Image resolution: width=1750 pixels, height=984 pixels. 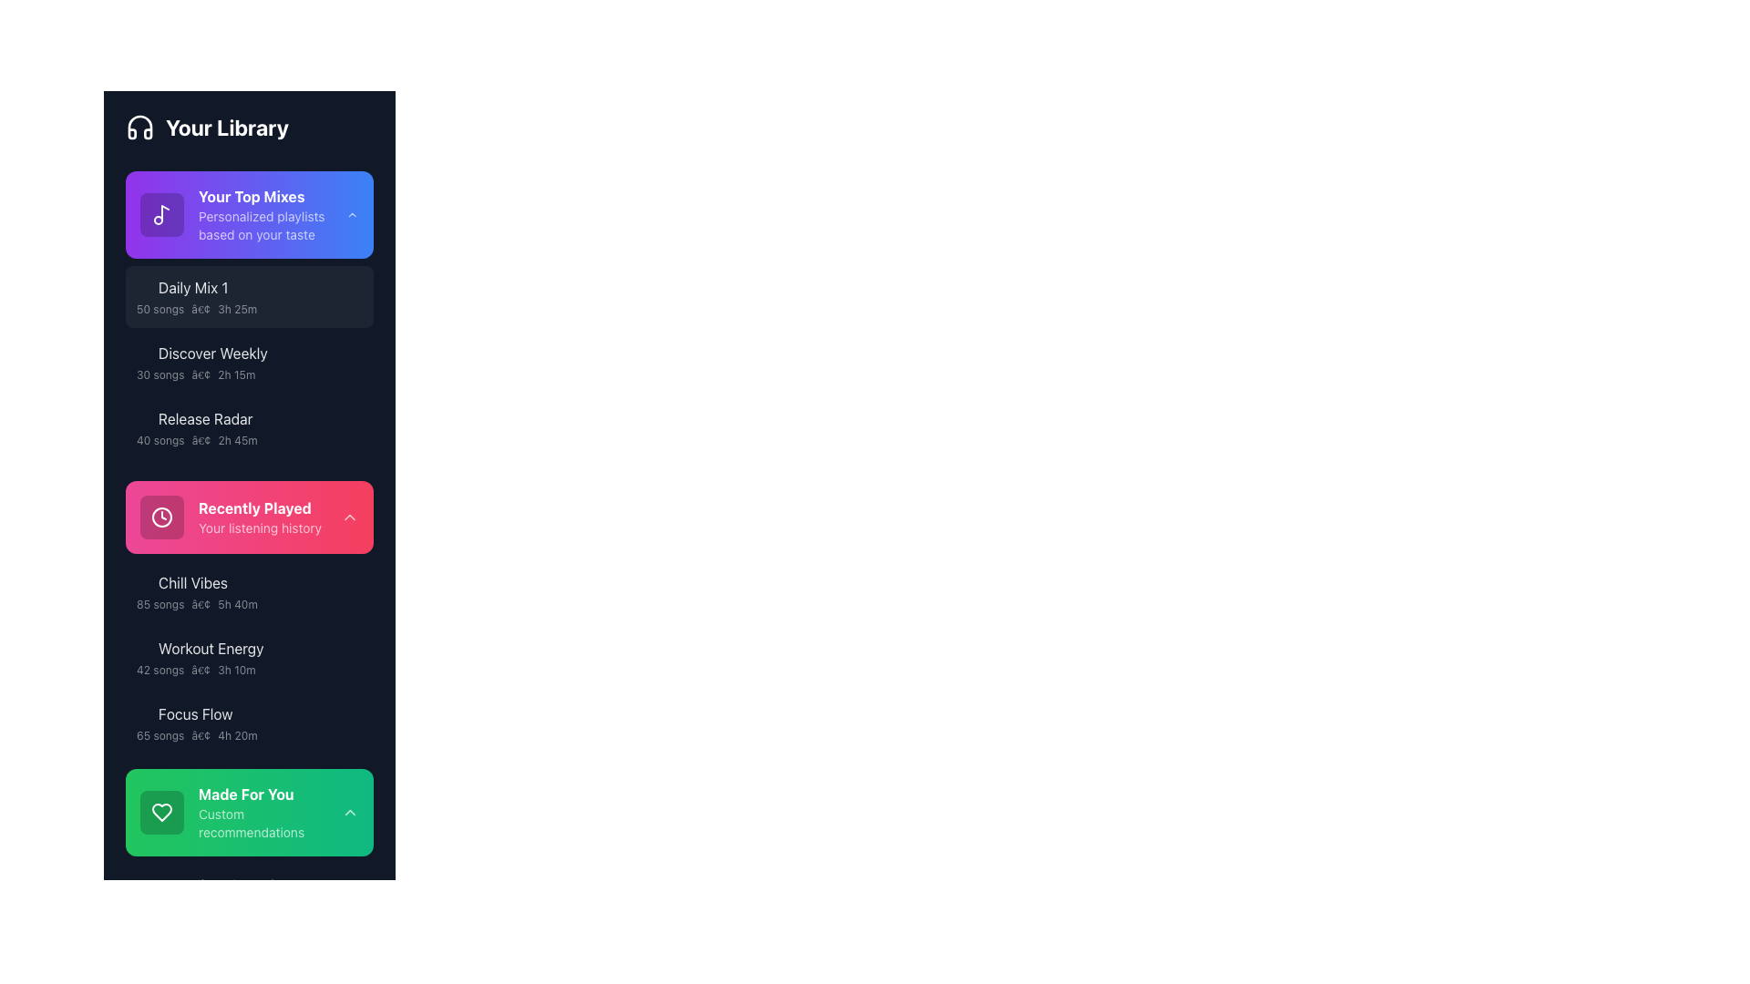 I want to click on the fifth interactive card in the vertical list, which provides access to the recently played section, so click(x=248, y=517).